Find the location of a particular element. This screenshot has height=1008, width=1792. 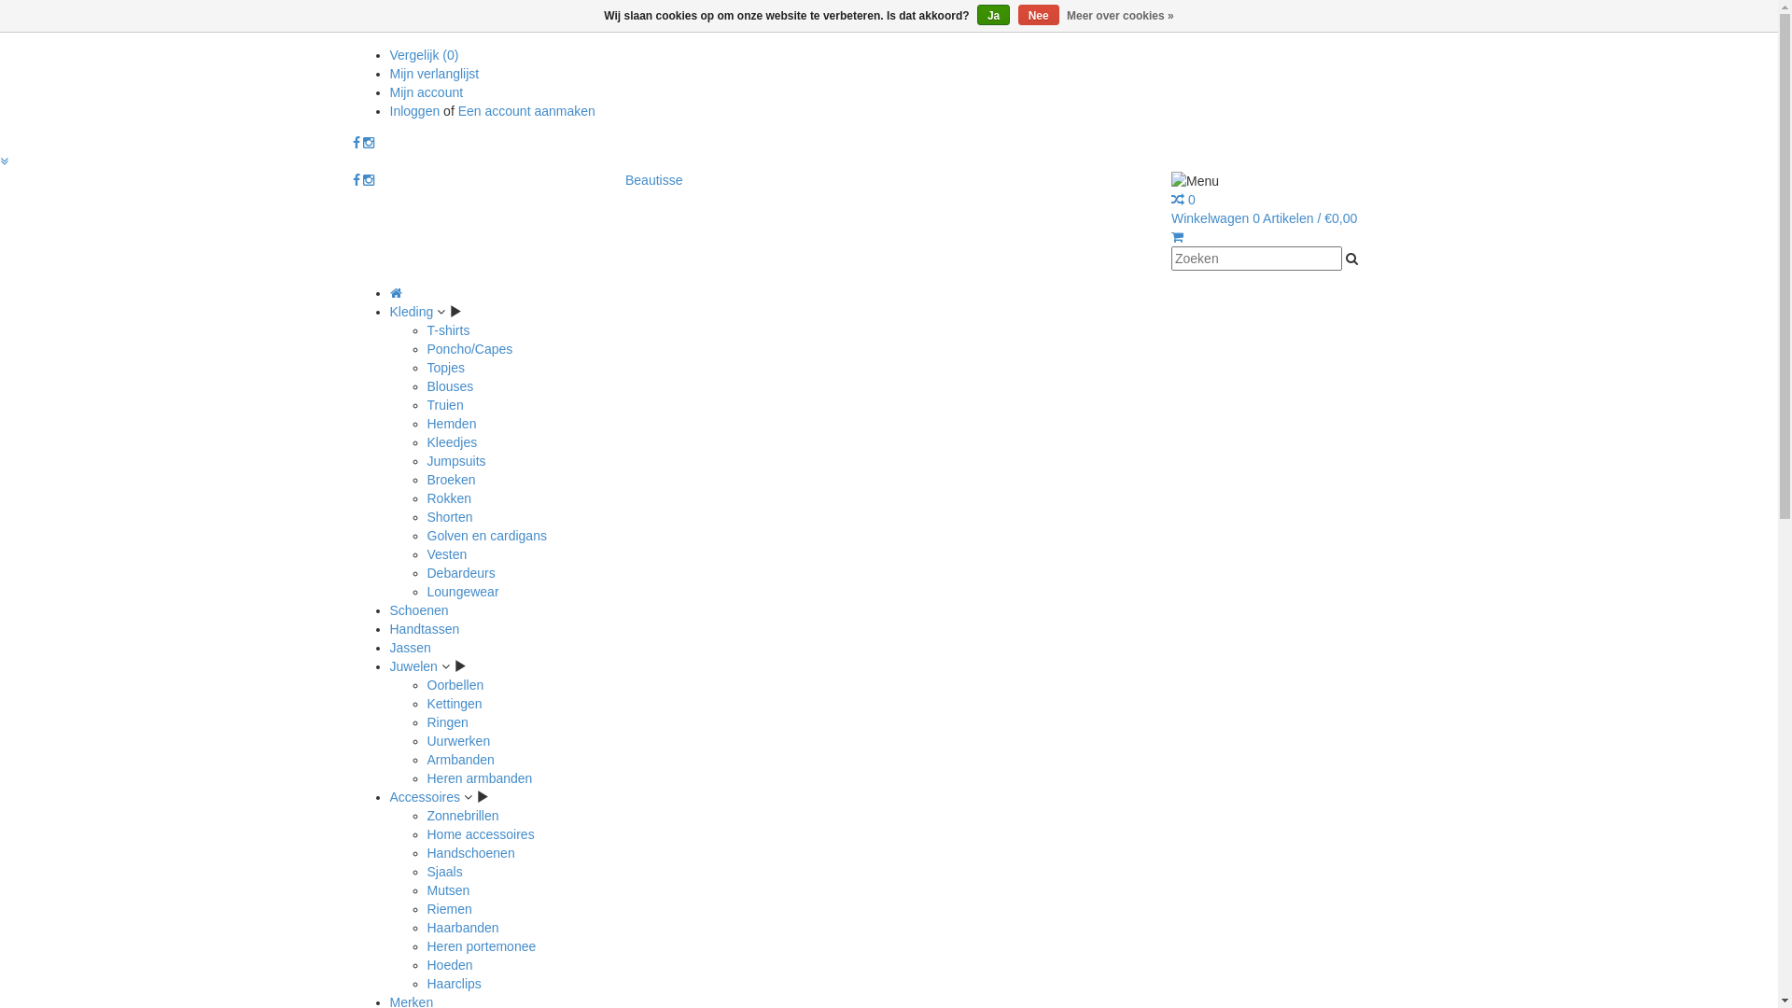

'Instagram Beautisse' is located at coordinates (368, 179).